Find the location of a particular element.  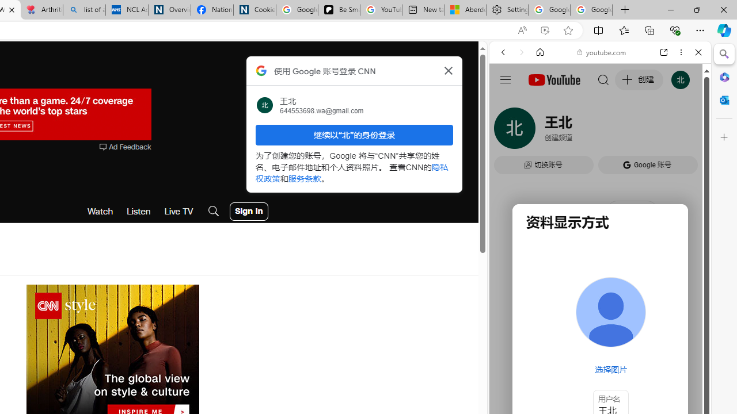

'Close Customize pane' is located at coordinates (724, 137).